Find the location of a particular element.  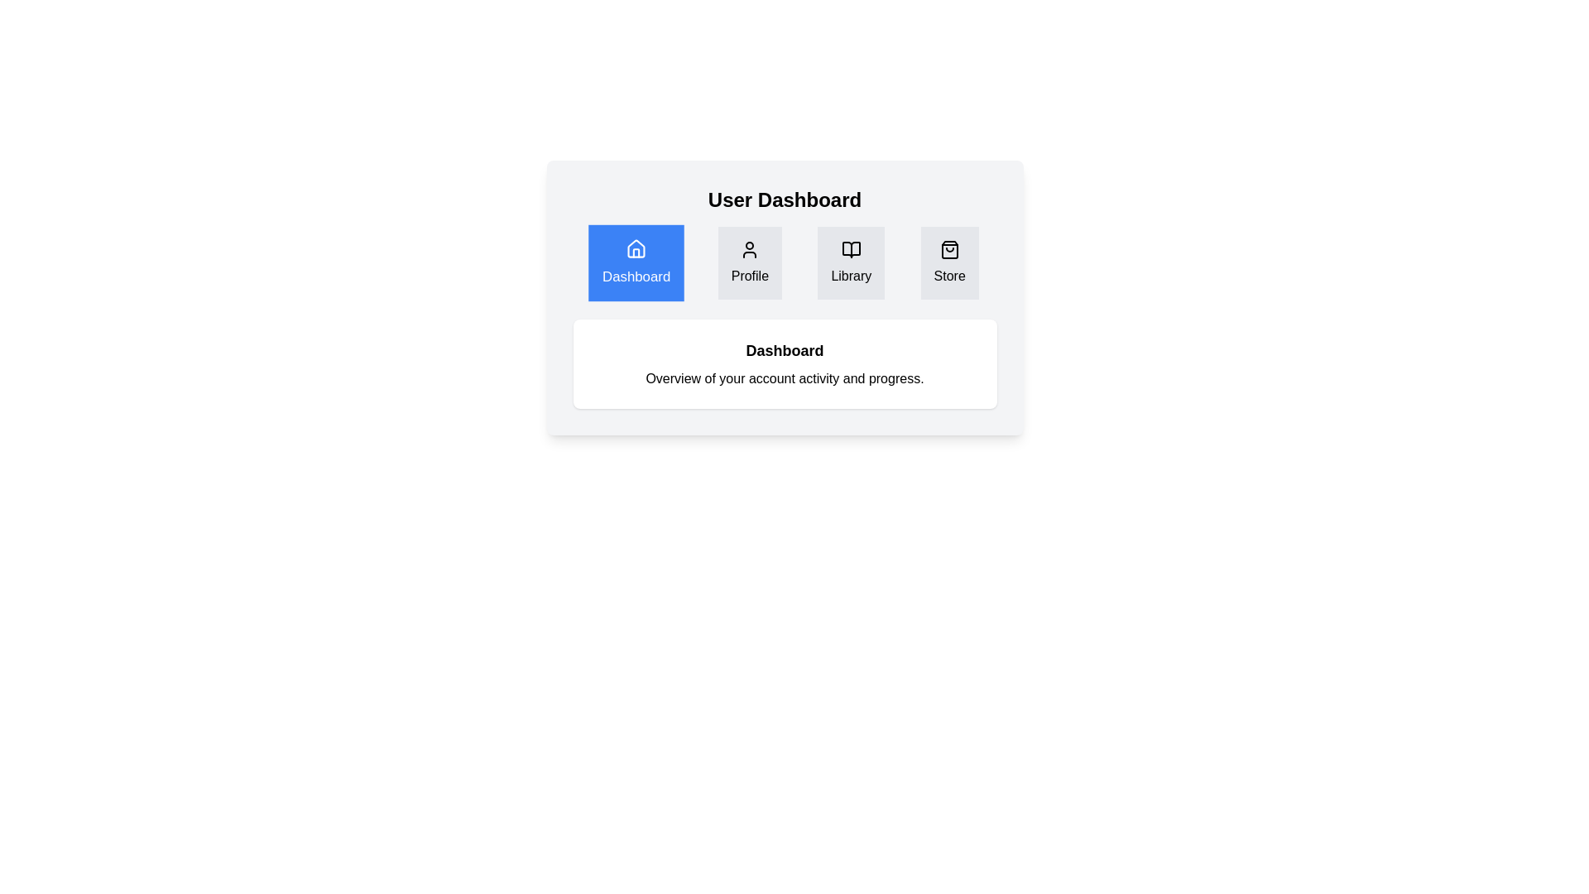

the tab labeled Dashboard to view its content is located at coordinates (635, 262).